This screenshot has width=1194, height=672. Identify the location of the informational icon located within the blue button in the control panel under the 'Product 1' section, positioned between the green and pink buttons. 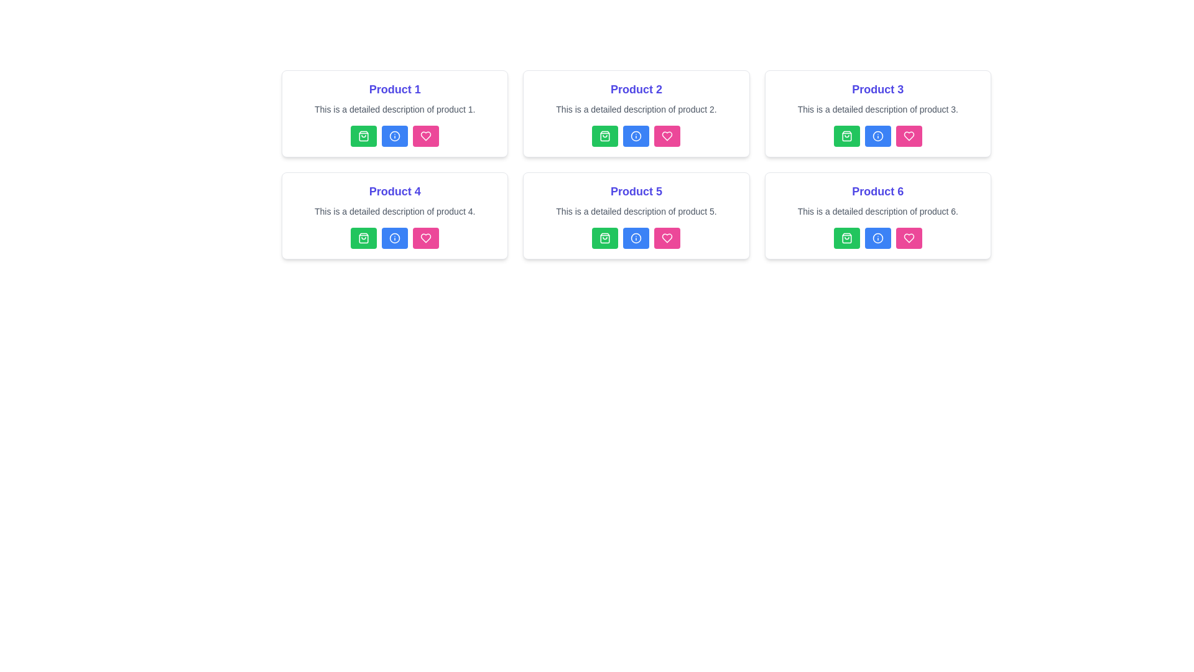
(394, 136).